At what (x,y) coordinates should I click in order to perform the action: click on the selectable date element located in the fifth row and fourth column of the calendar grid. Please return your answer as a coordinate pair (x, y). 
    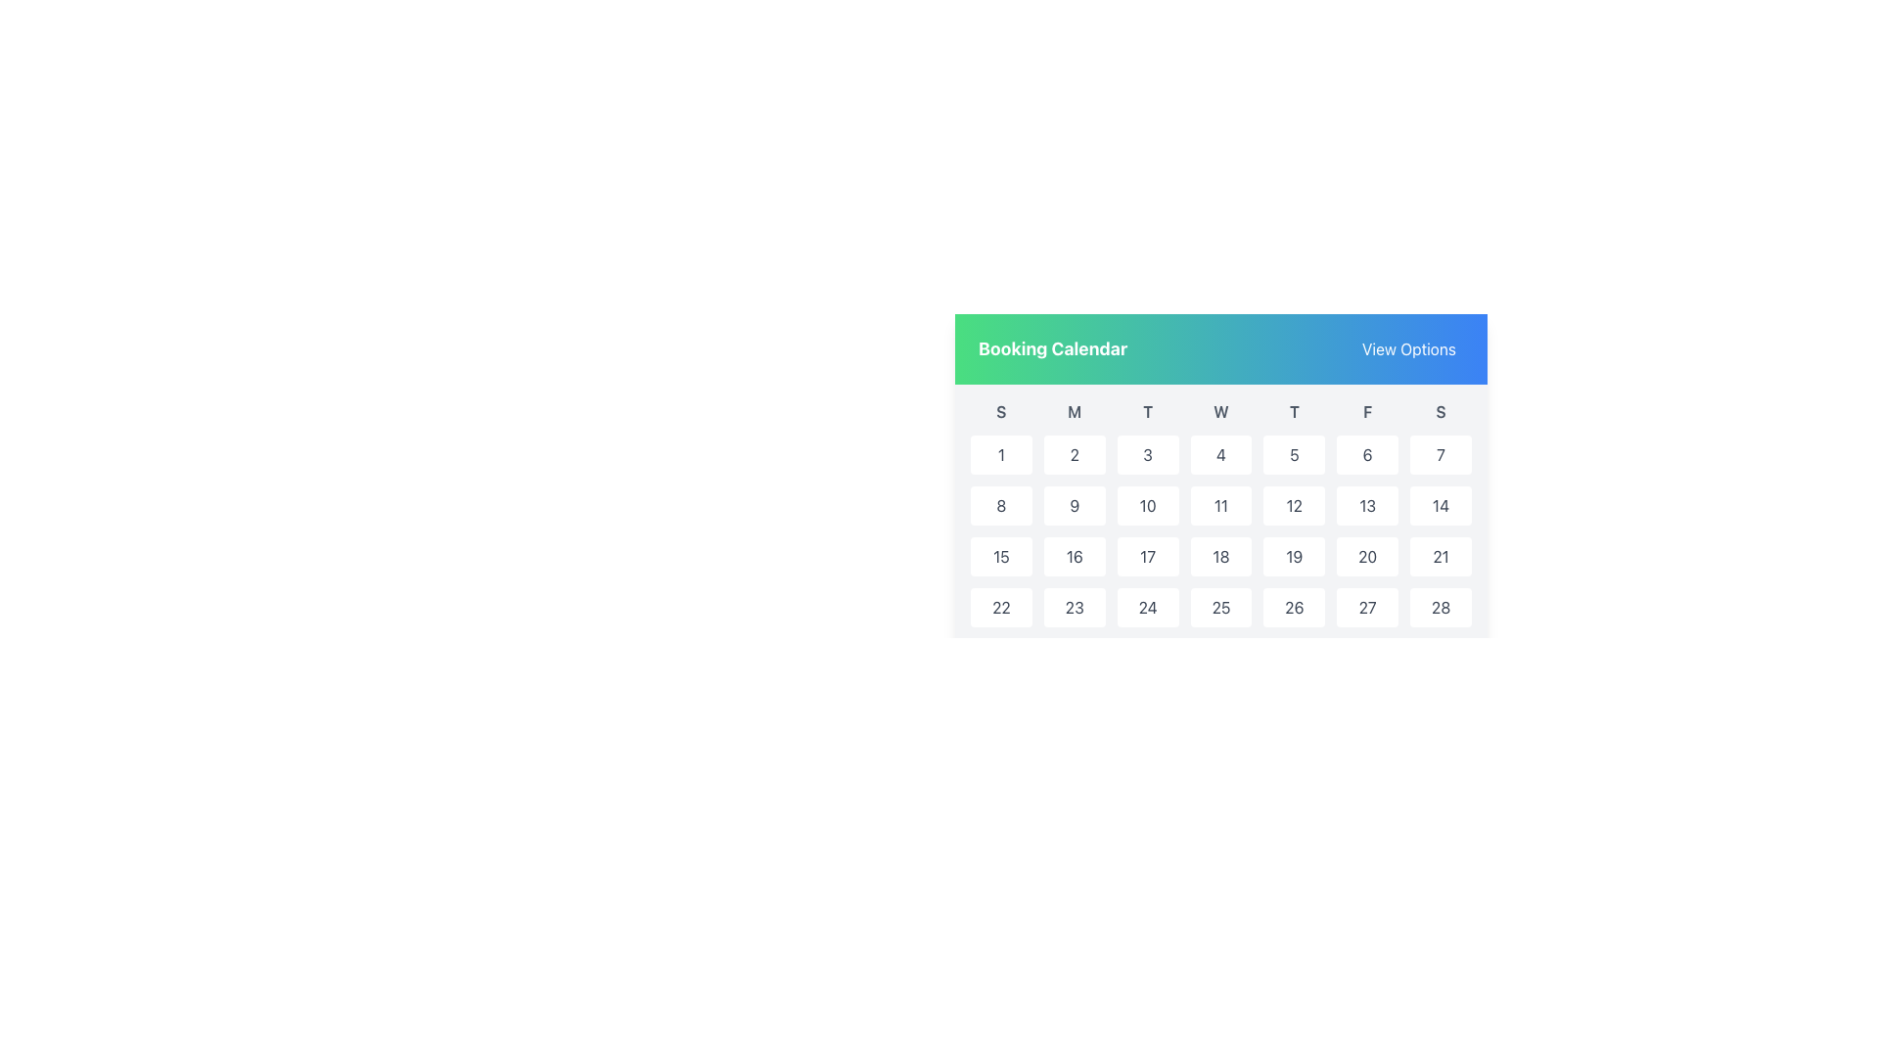
    Looking at the image, I should click on (1293, 557).